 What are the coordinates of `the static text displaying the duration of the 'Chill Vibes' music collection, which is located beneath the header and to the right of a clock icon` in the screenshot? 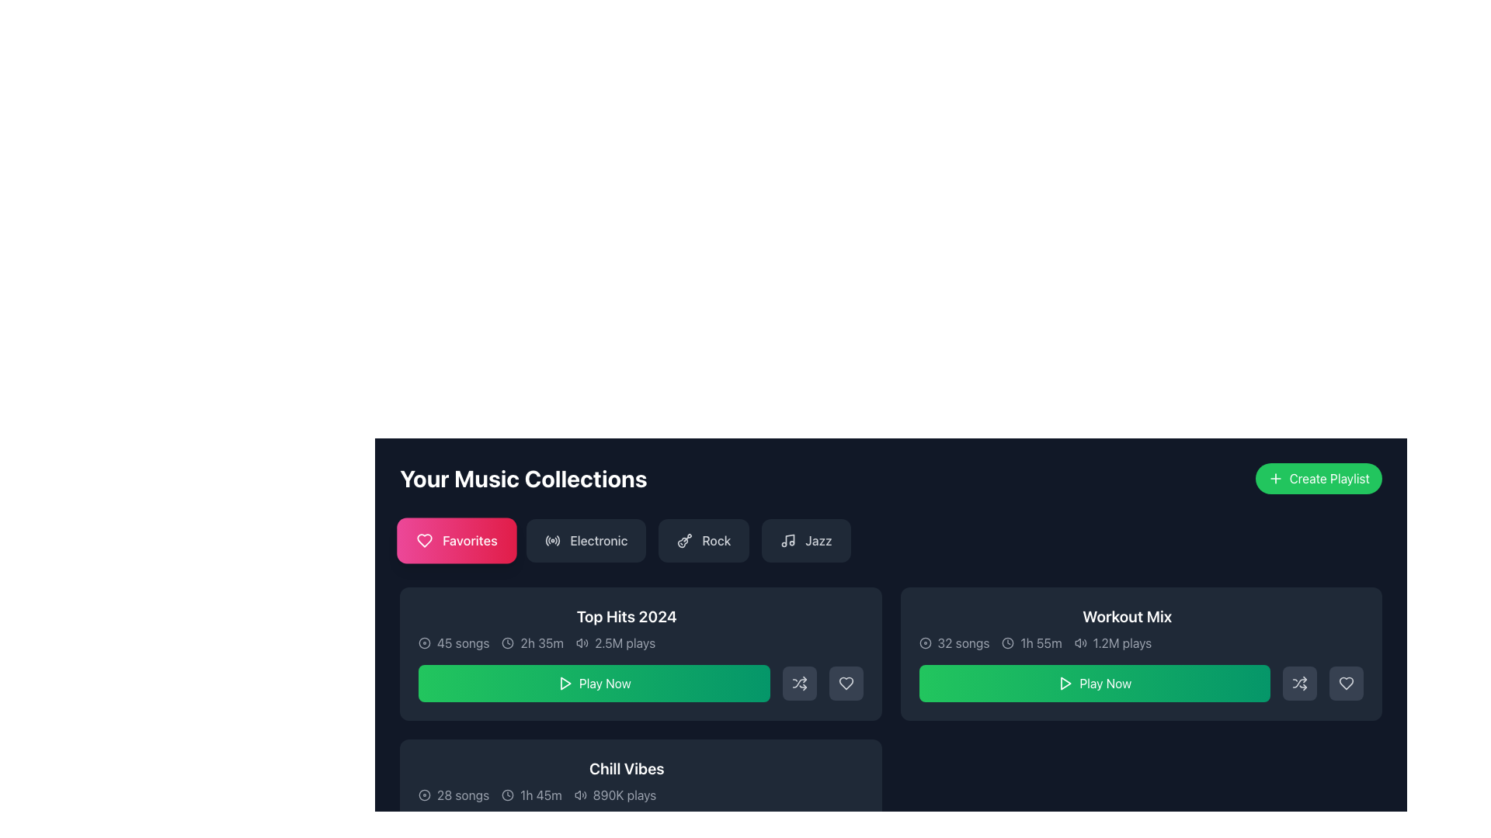 It's located at (540, 795).